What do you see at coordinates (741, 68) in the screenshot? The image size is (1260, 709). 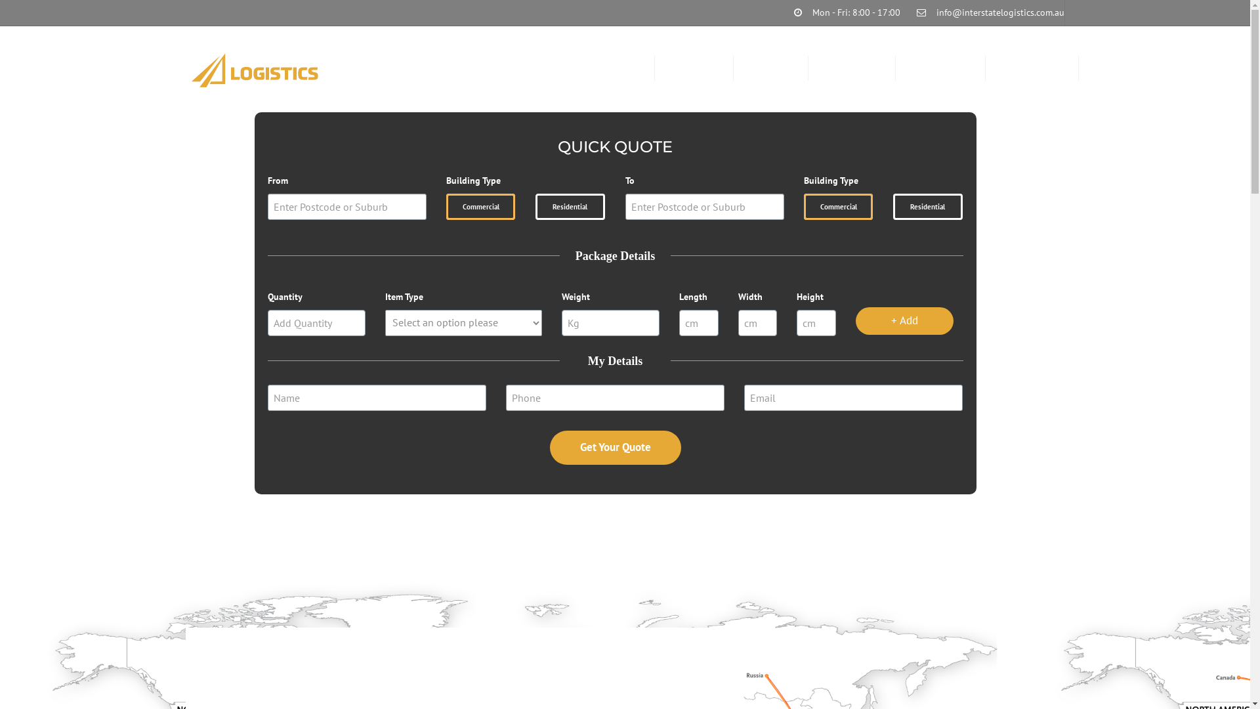 I see `'SERVICES'` at bounding box center [741, 68].